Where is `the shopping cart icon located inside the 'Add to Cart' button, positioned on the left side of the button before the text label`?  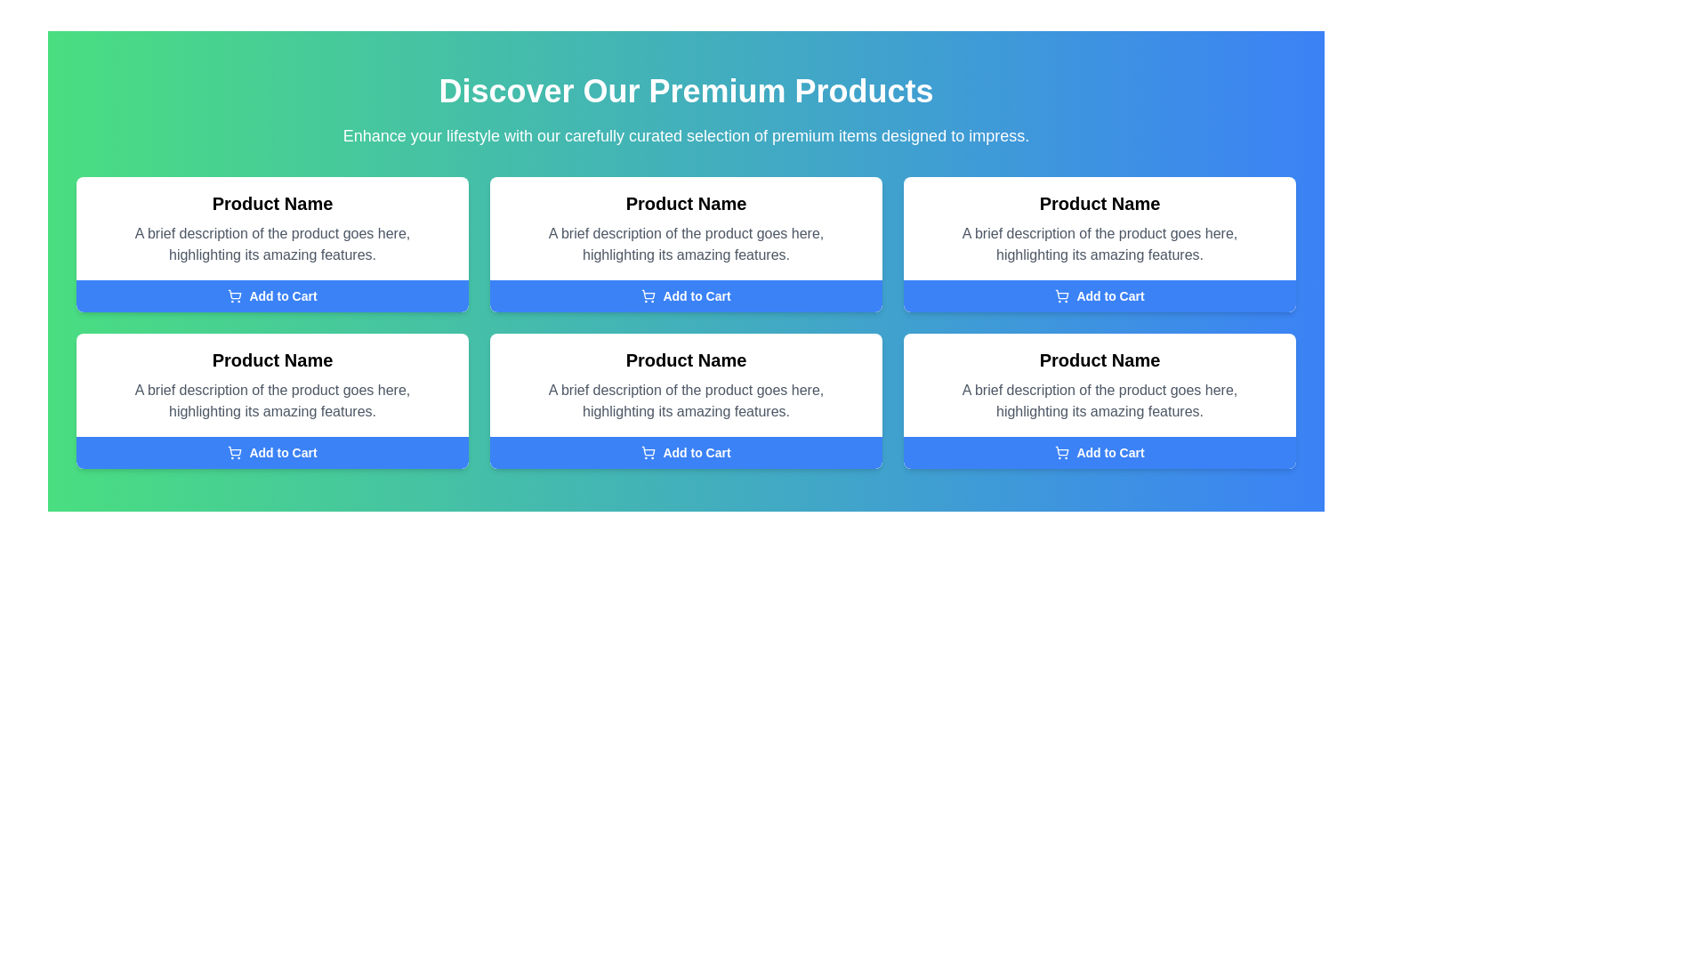
the shopping cart icon located inside the 'Add to Cart' button, positioned on the left side of the button before the text label is located at coordinates (234, 452).